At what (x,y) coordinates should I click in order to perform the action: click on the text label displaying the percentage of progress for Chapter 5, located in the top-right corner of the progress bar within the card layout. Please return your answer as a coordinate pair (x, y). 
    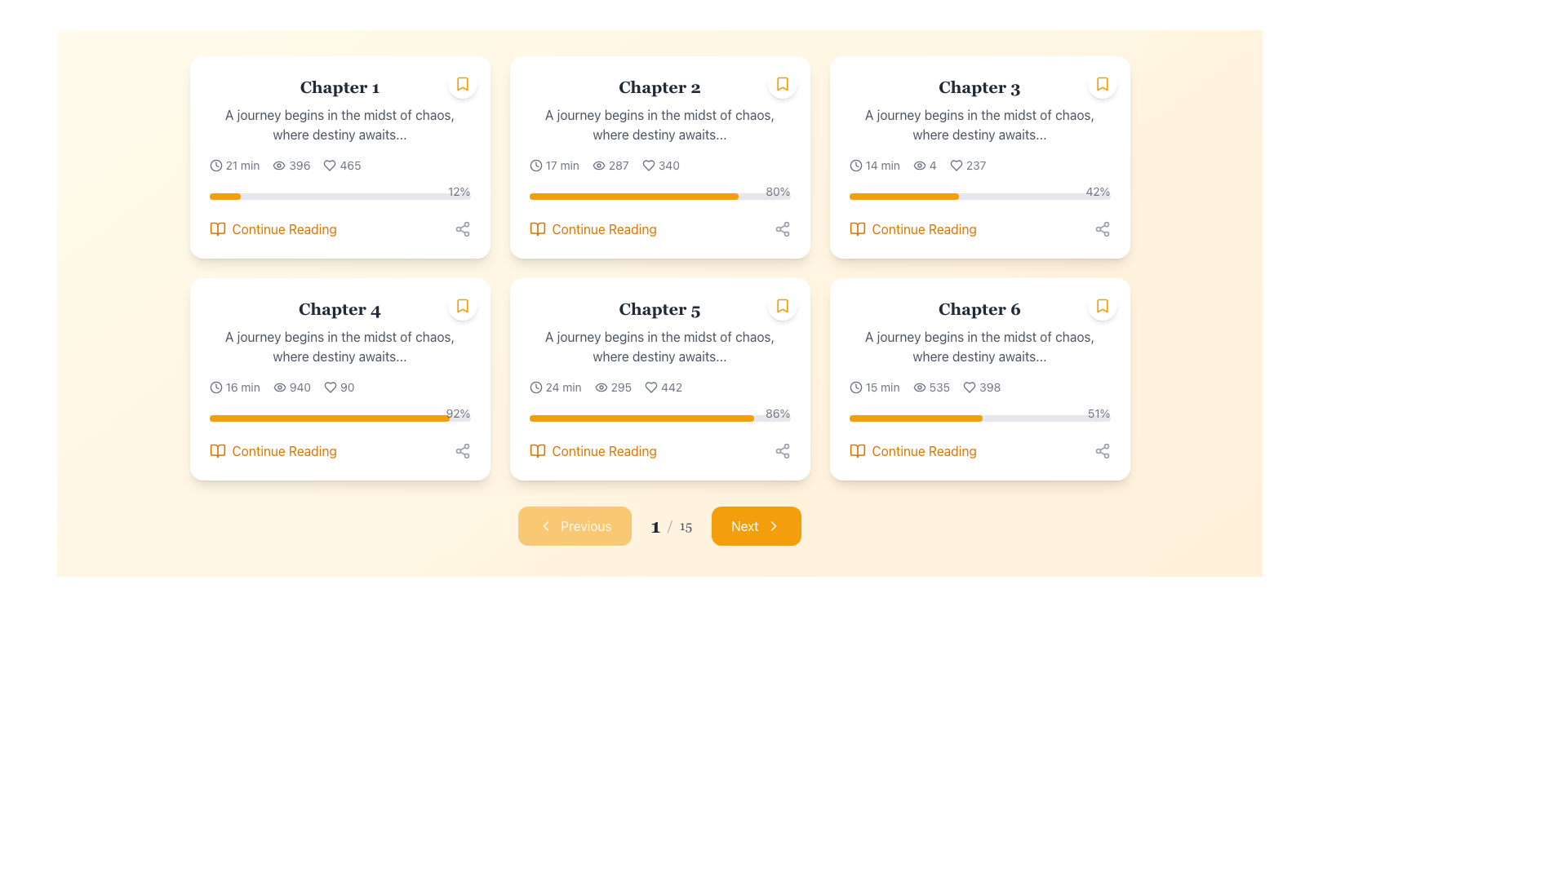
    Looking at the image, I should click on (777, 412).